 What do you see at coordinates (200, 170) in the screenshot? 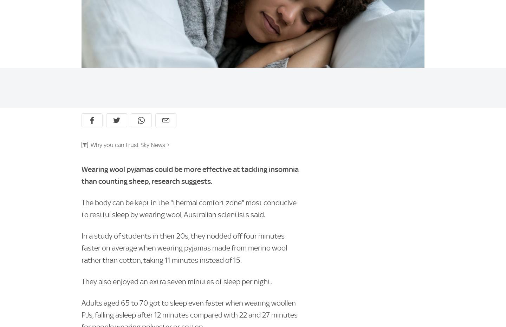
I see `'Sky News Services'` at bounding box center [200, 170].